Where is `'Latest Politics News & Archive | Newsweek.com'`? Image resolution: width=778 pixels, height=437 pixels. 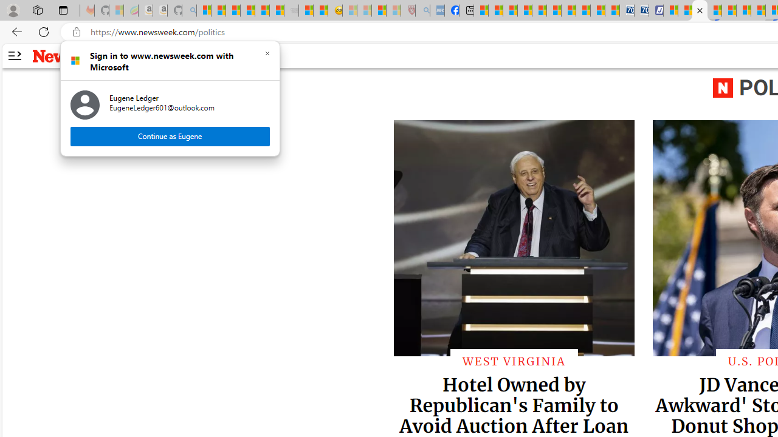
'Latest Politics News & Archive | Newsweek.com' is located at coordinates (700, 10).